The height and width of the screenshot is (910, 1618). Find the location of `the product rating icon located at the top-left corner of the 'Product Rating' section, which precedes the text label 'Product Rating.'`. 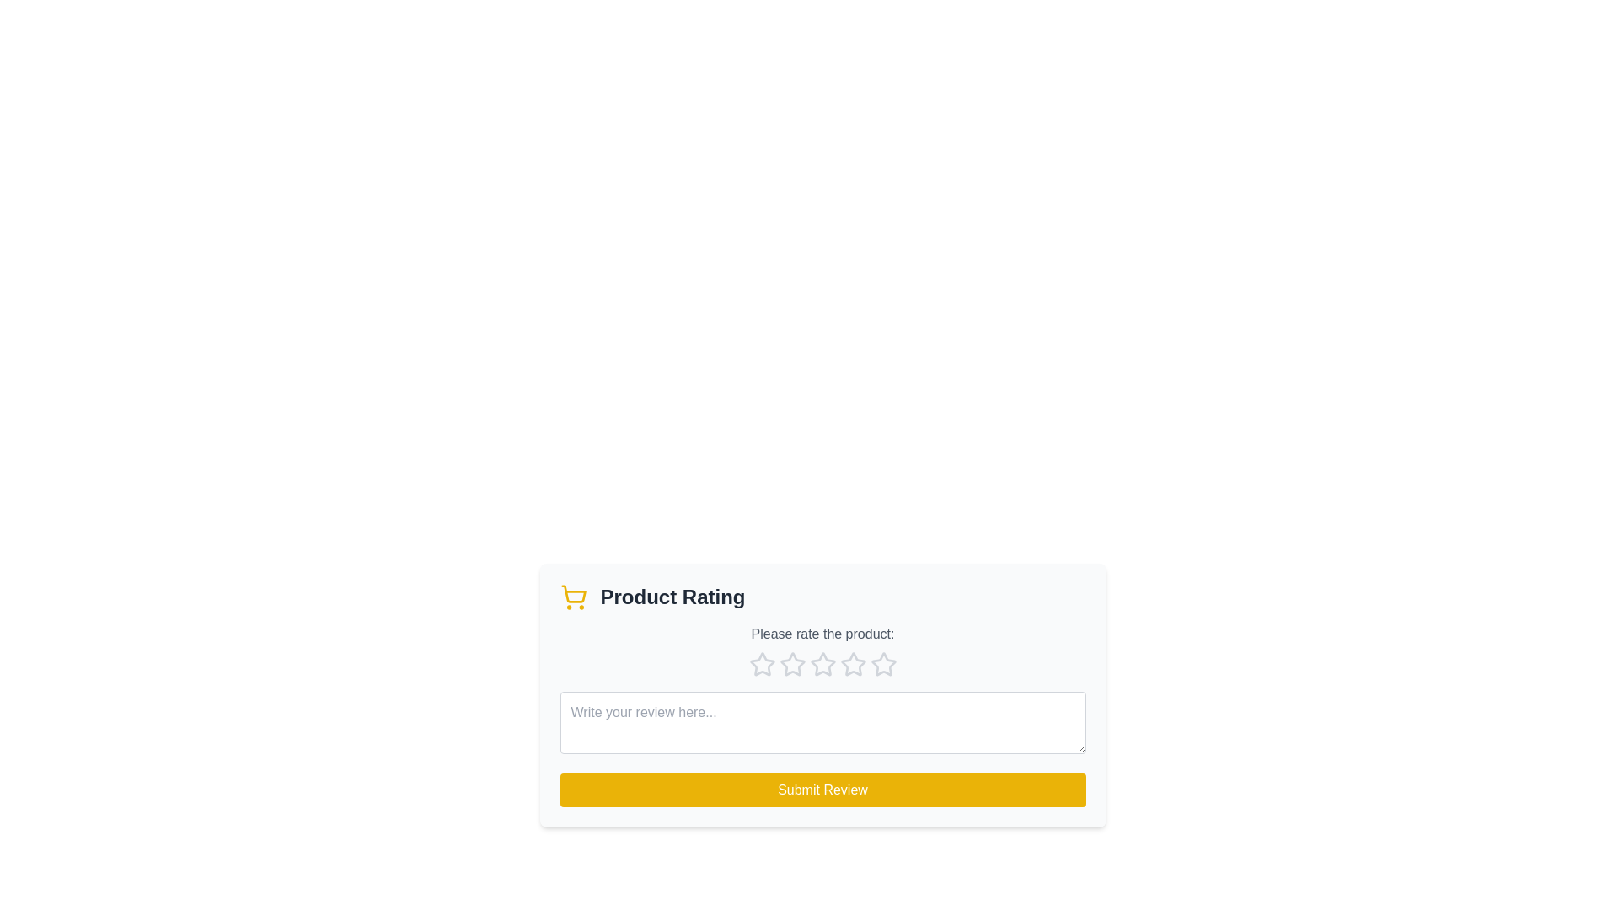

the product rating icon located at the top-left corner of the 'Product Rating' section, which precedes the text label 'Product Rating.' is located at coordinates (573, 597).